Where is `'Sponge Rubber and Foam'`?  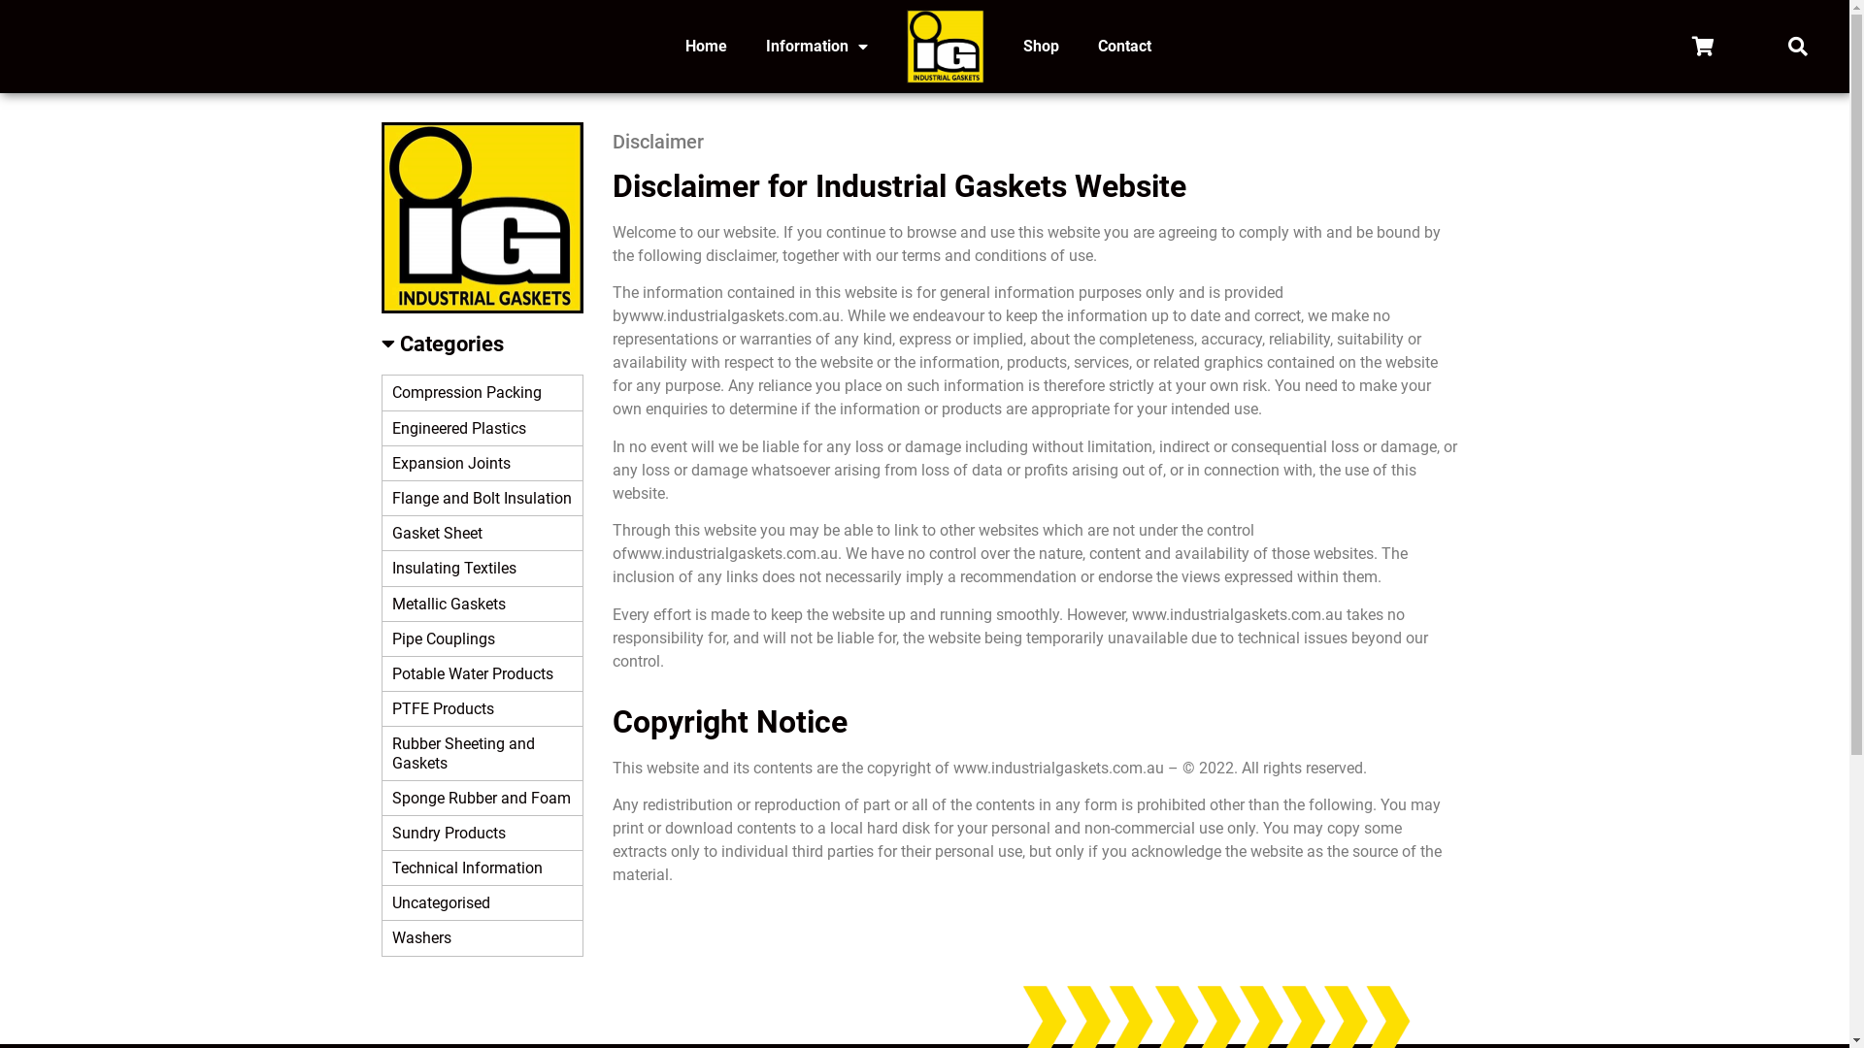 'Sponge Rubber and Foam' is located at coordinates (483, 798).